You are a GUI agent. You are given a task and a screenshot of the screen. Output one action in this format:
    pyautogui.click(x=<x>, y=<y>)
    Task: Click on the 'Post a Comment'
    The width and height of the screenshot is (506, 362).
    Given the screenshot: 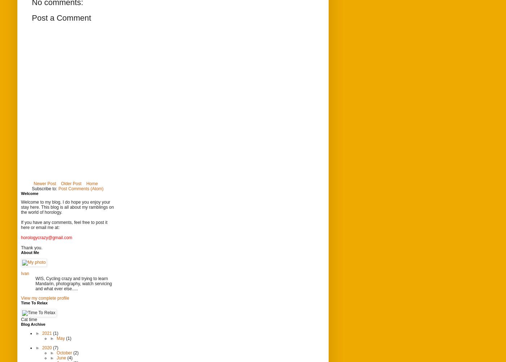 What is the action you would take?
    pyautogui.click(x=61, y=17)
    